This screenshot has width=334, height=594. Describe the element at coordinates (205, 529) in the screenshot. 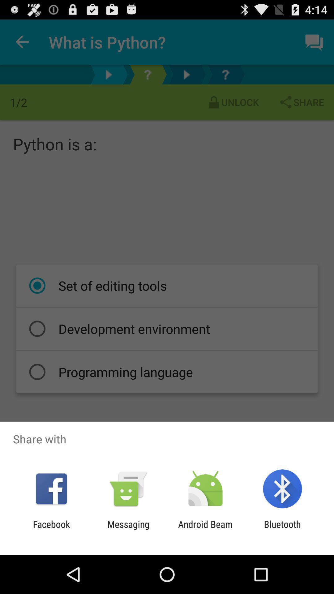

I see `app to the right of messaging item` at that location.